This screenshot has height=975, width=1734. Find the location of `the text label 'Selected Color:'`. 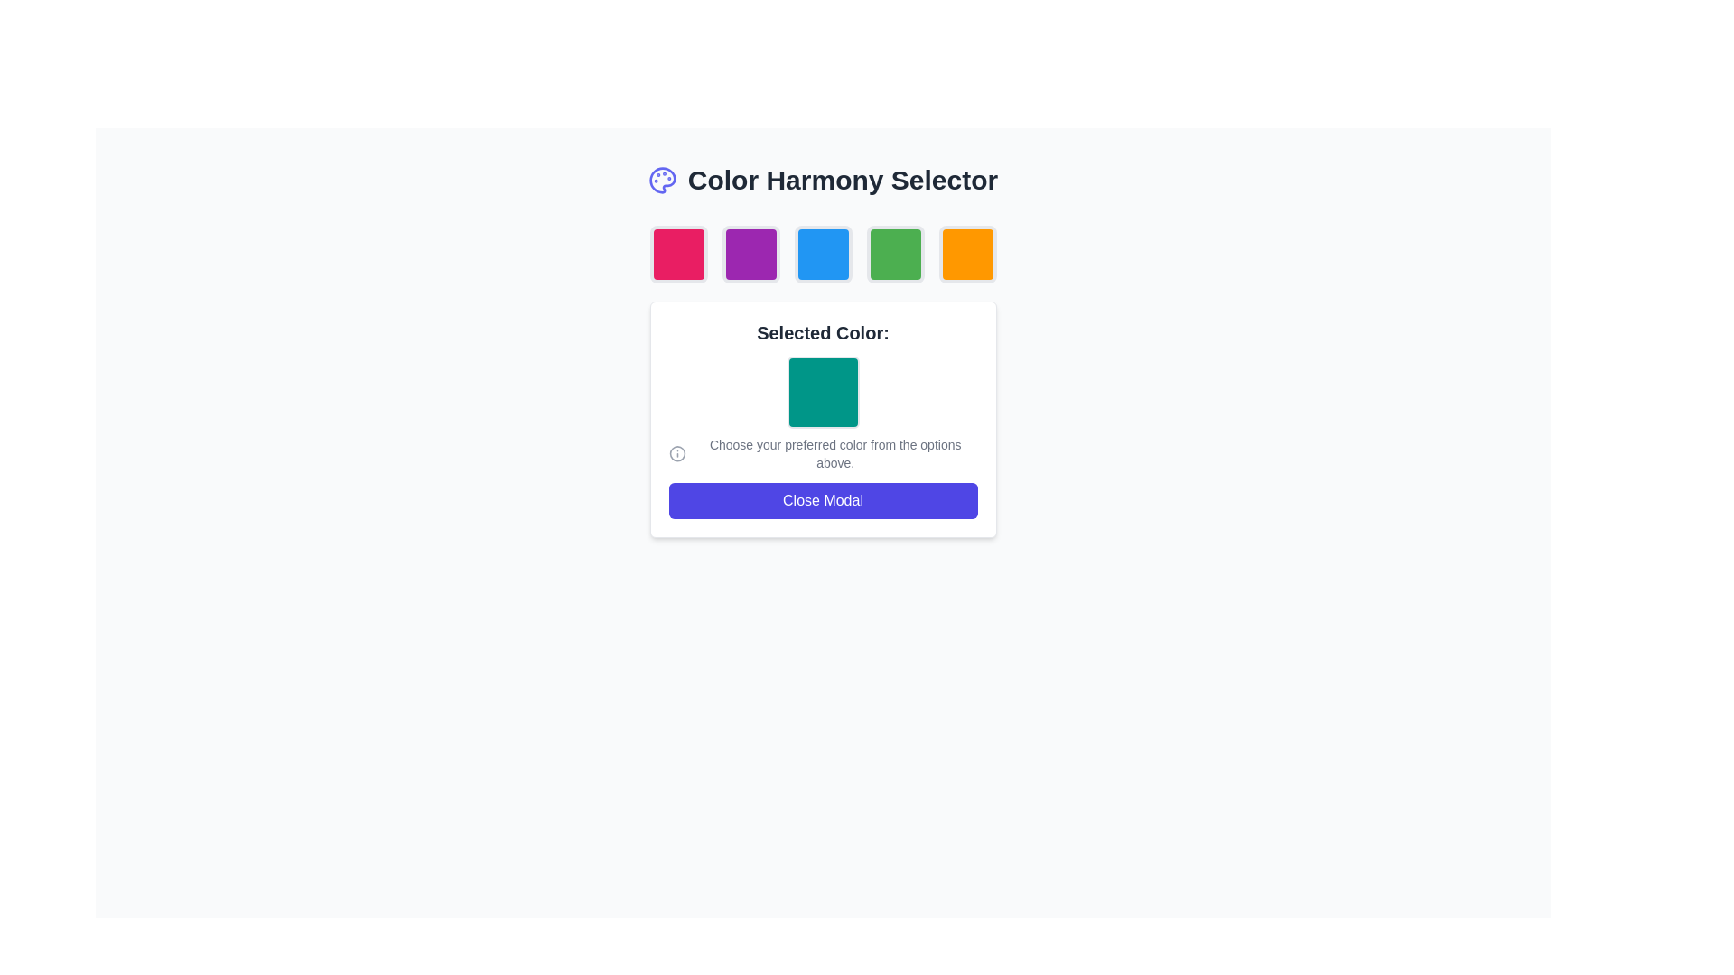

the text label 'Selected Color:' is located at coordinates (822, 333).